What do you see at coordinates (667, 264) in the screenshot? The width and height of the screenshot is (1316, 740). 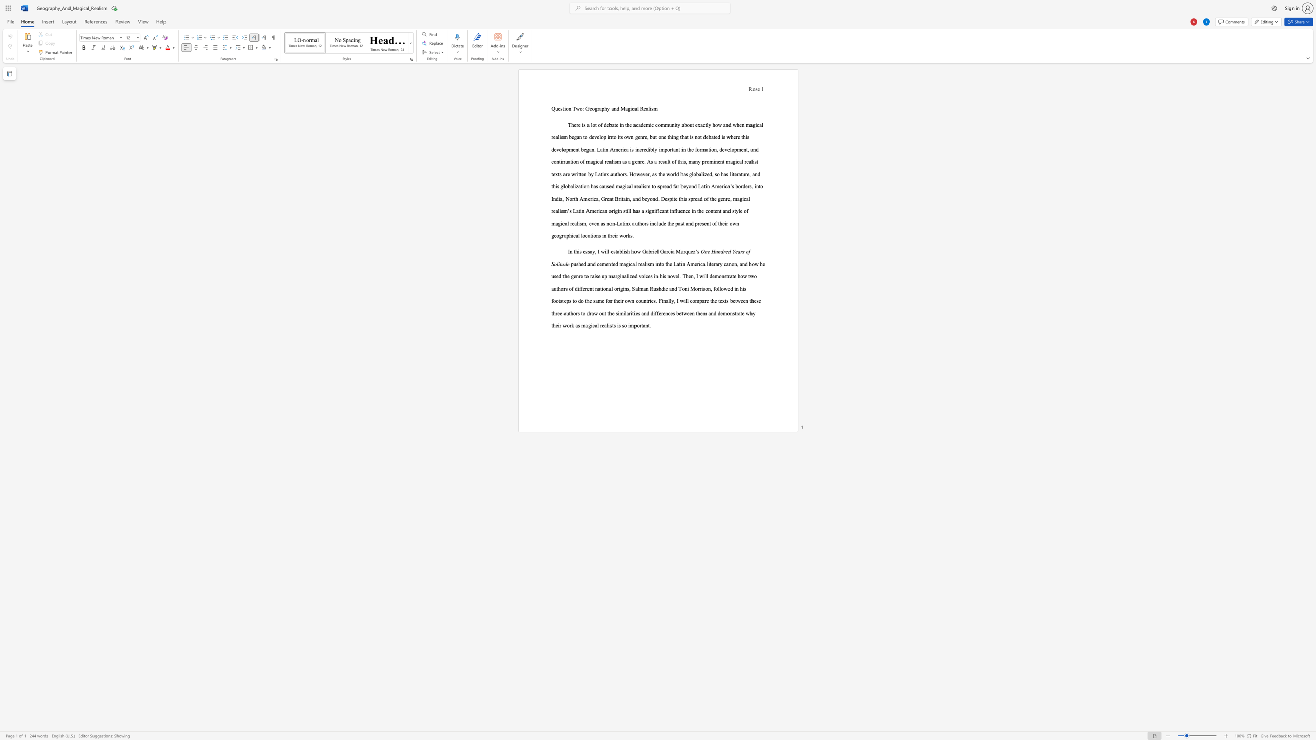 I see `the subset text "he Latin America literary canon, and how he used the genre to raise up ma" within the text "pushed and cemented magical realism into the Latin America literary canon, and how he used the genre to raise up marginalized voices in his novel. Then, I will"` at bounding box center [667, 264].